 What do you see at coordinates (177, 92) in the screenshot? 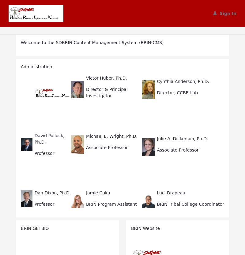
I see `'Director, CCBR Lab'` at bounding box center [177, 92].